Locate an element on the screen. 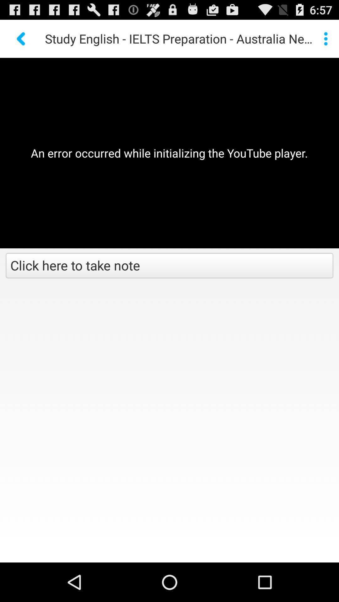 The height and width of the screenshot is (602, 339). app at the center is located at coordinates (169, 266).